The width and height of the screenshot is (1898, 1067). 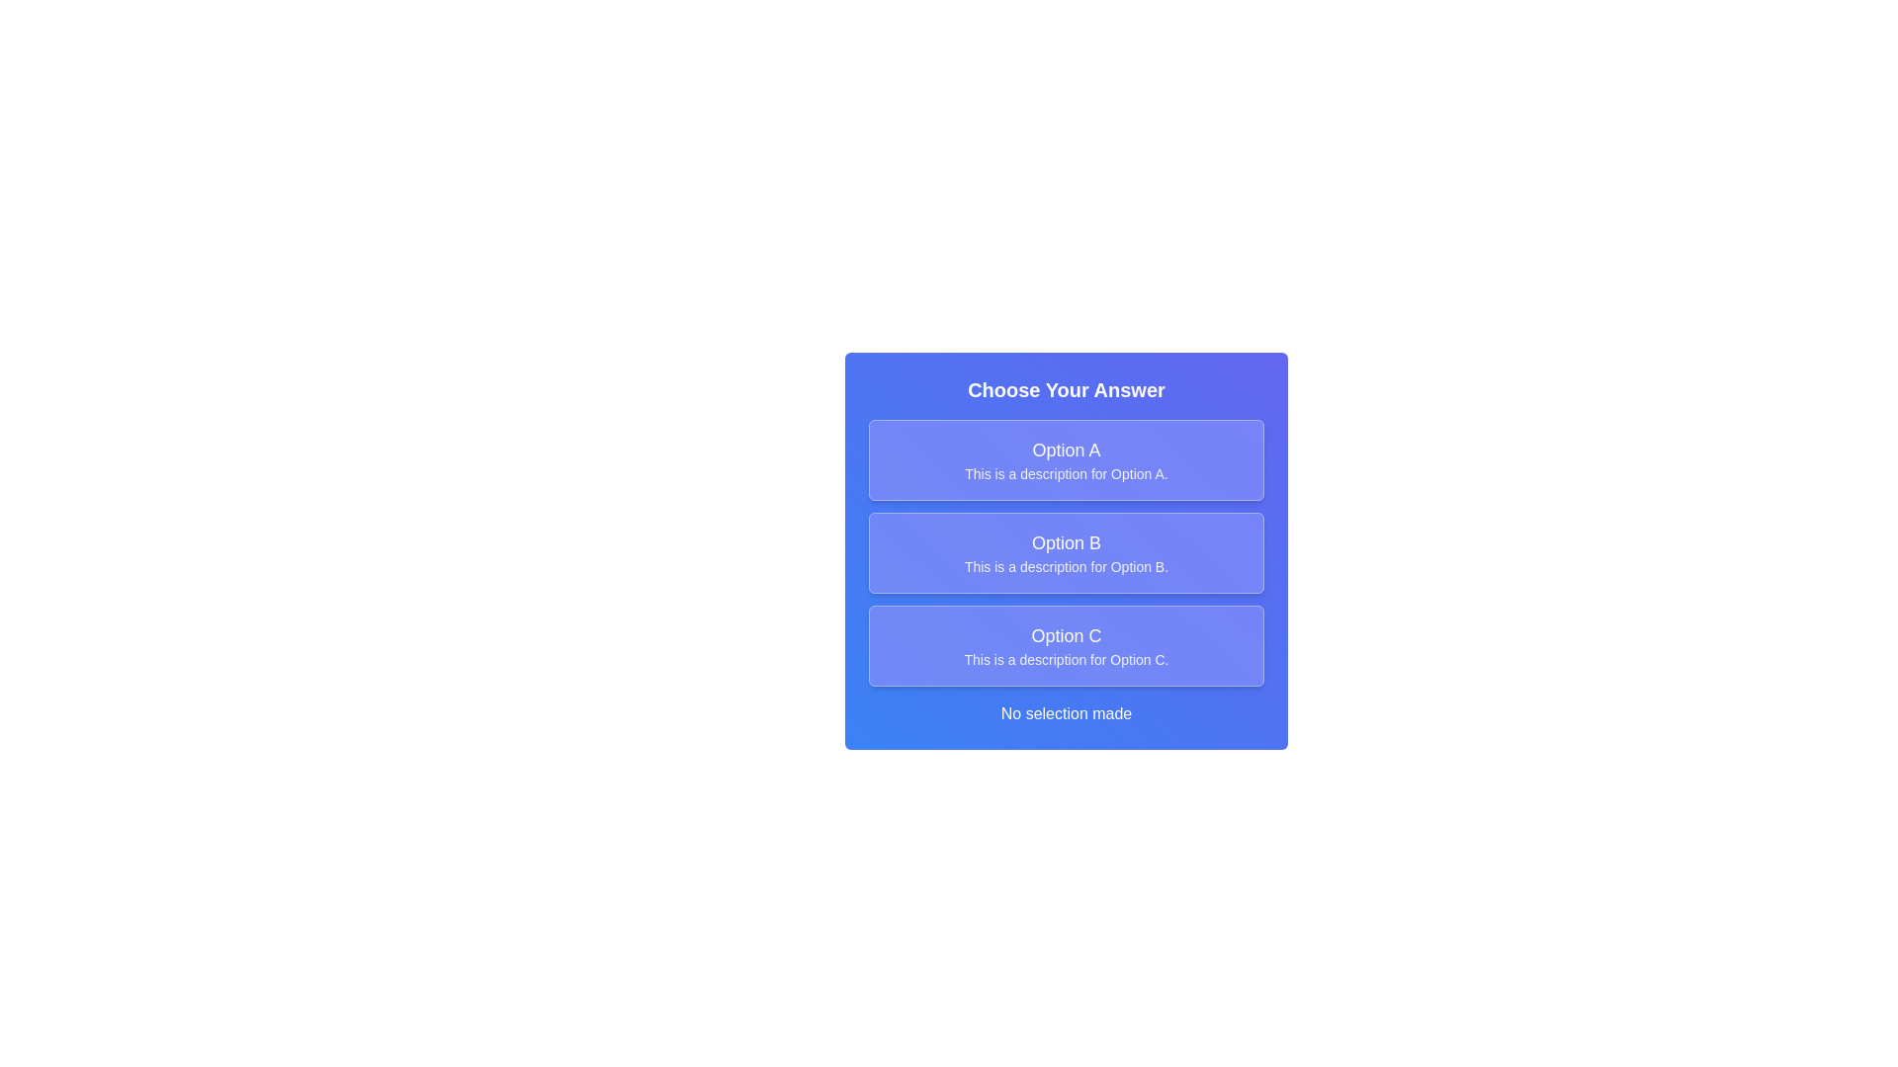 I want to click on the third selectable option at the bottom of the card group labeled 'Option C', so click(x=1066, y=646).